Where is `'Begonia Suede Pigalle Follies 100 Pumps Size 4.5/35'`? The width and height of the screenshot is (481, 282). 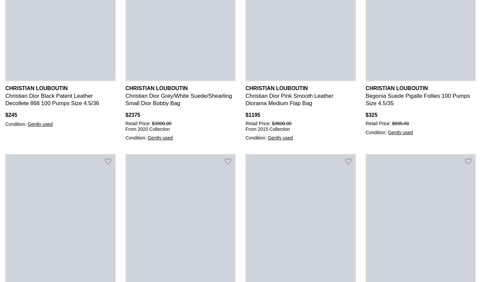 'Begonia Suede Pigalle Follies 100 Pumps Size 4.5/35' is located at coordinates (417, 99).